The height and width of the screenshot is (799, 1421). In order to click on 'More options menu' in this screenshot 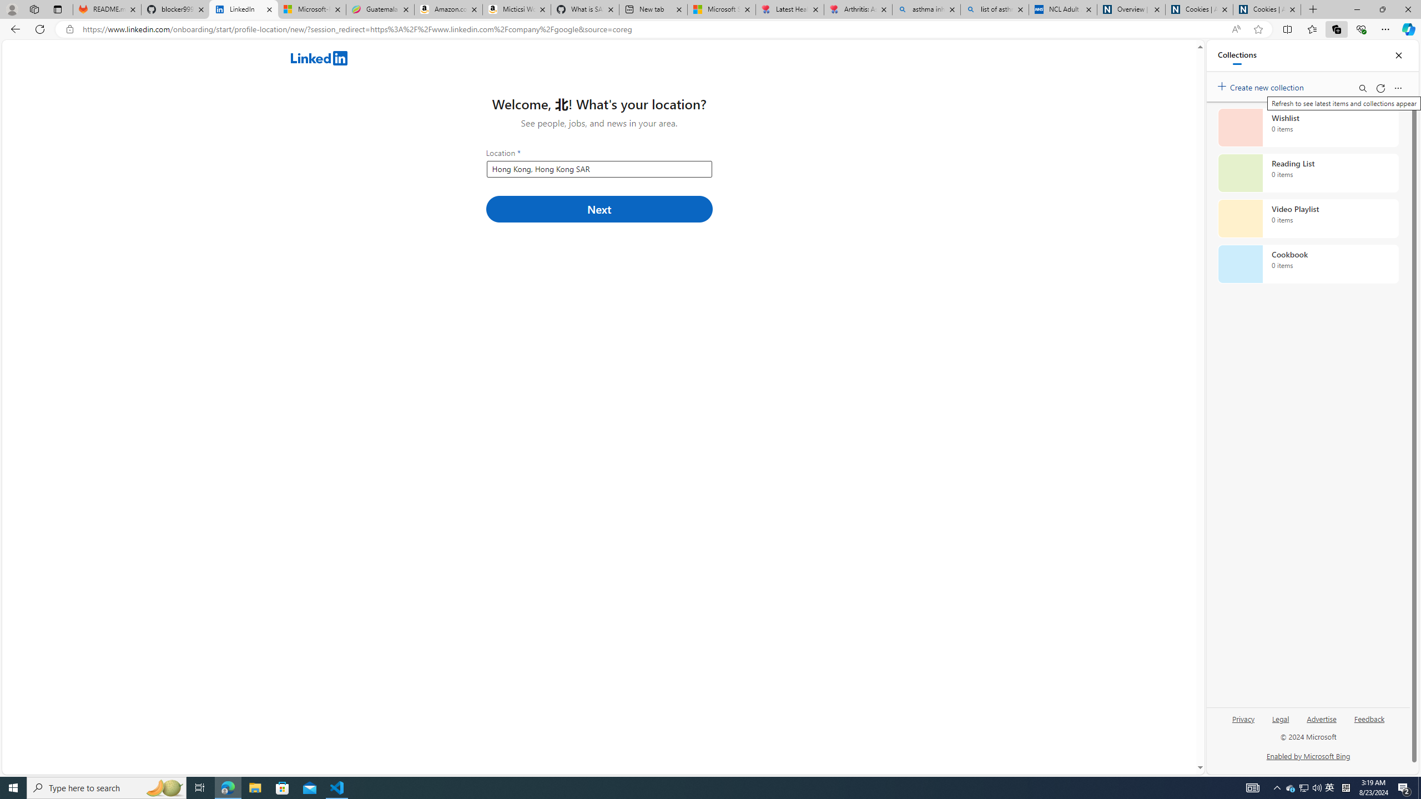, I will do `click(1398, 88)`.